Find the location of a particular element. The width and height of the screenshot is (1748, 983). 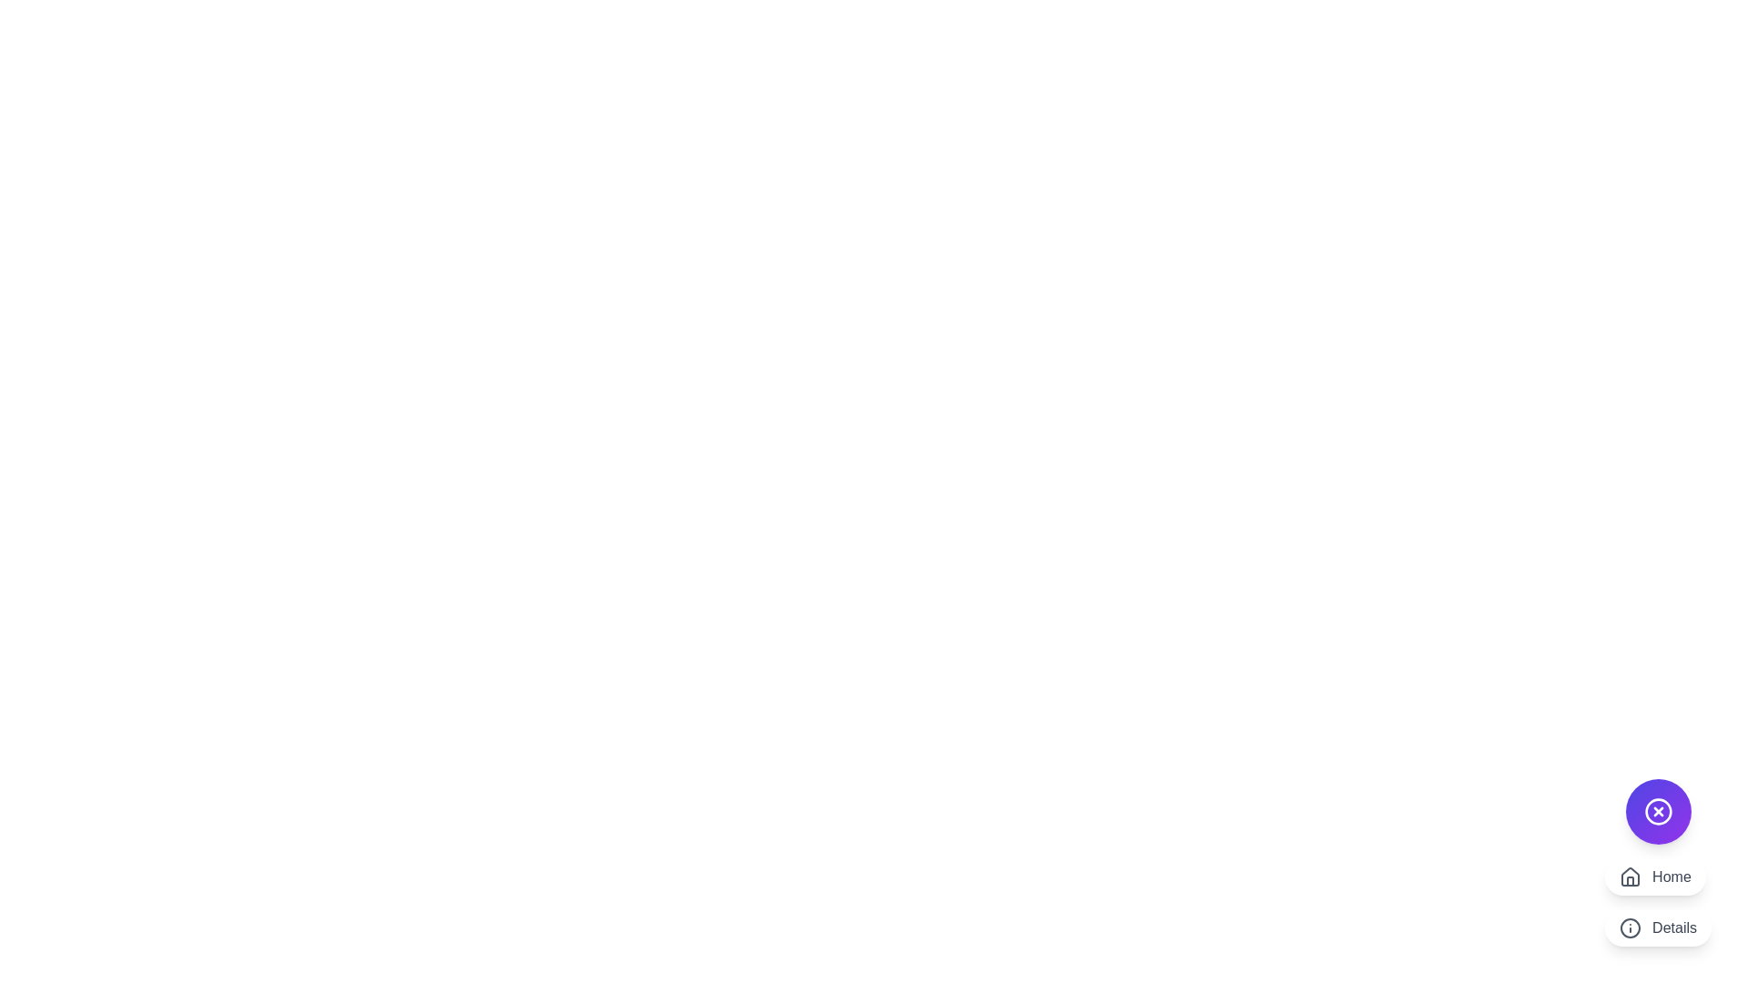

the button that navigates to the 'Home' section, located below the purple circular button with a close icon and above the 'Details' button, by outlining it is located at coordinates (1655, 877).